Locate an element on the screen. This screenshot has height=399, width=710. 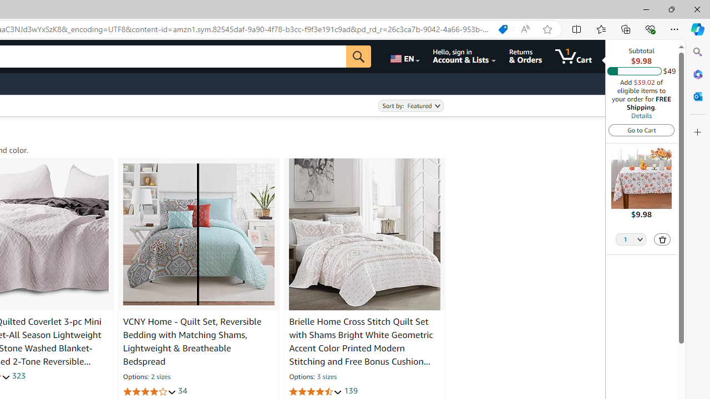
'3.9 out of 5 stars' is located at coordinates (149, 391).